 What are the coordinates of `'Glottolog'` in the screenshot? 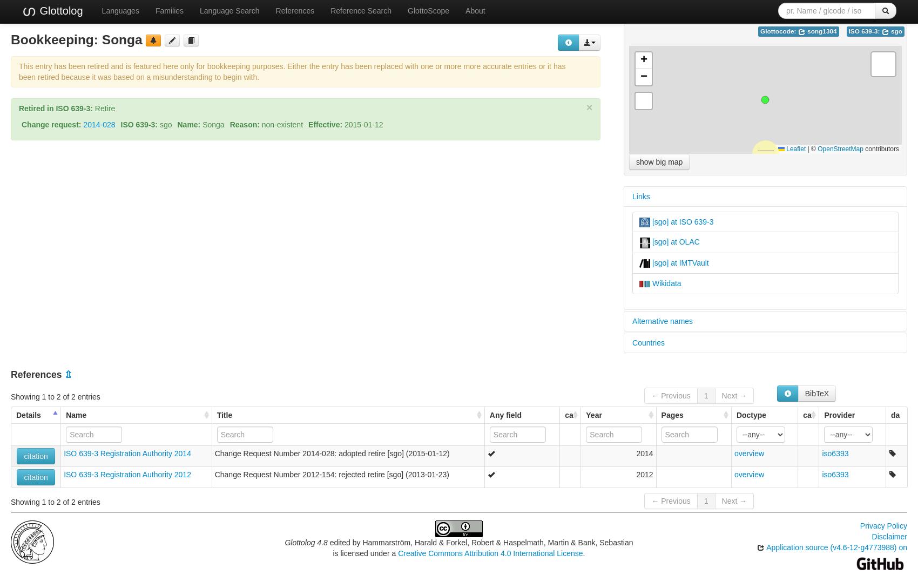 It's located at (59, 10).